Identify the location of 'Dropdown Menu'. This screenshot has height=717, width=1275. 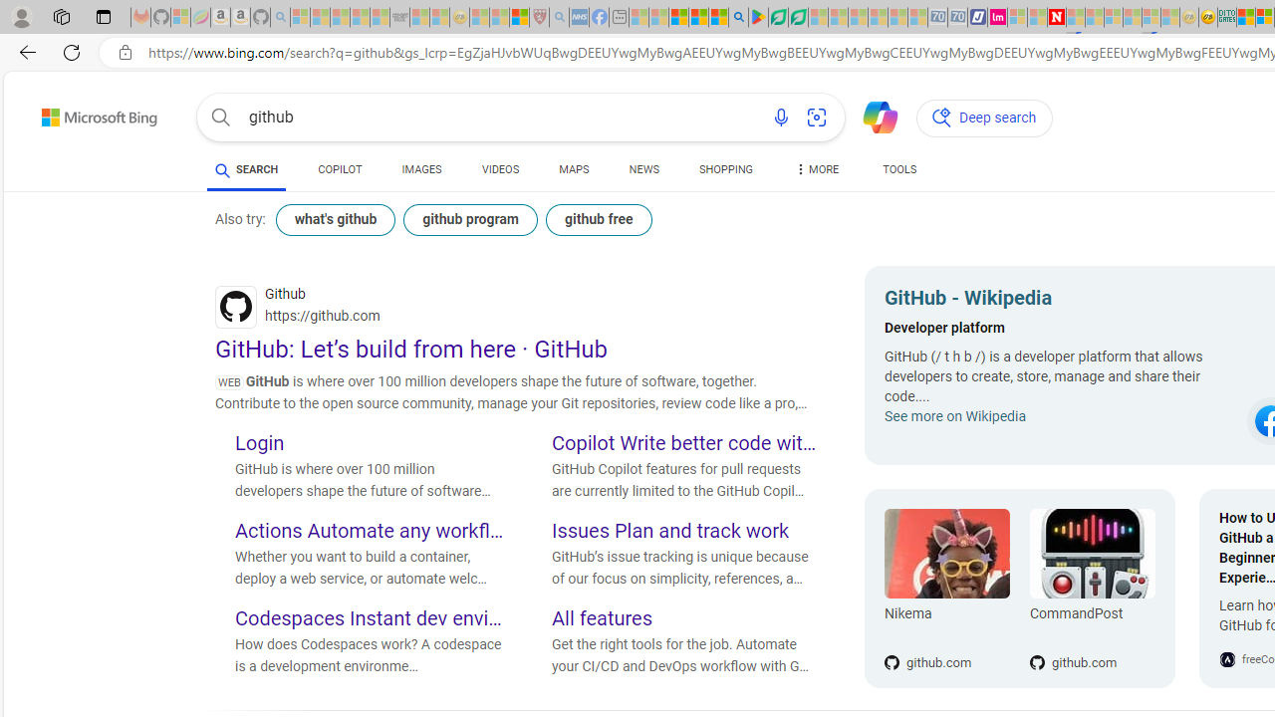
(816, 169).